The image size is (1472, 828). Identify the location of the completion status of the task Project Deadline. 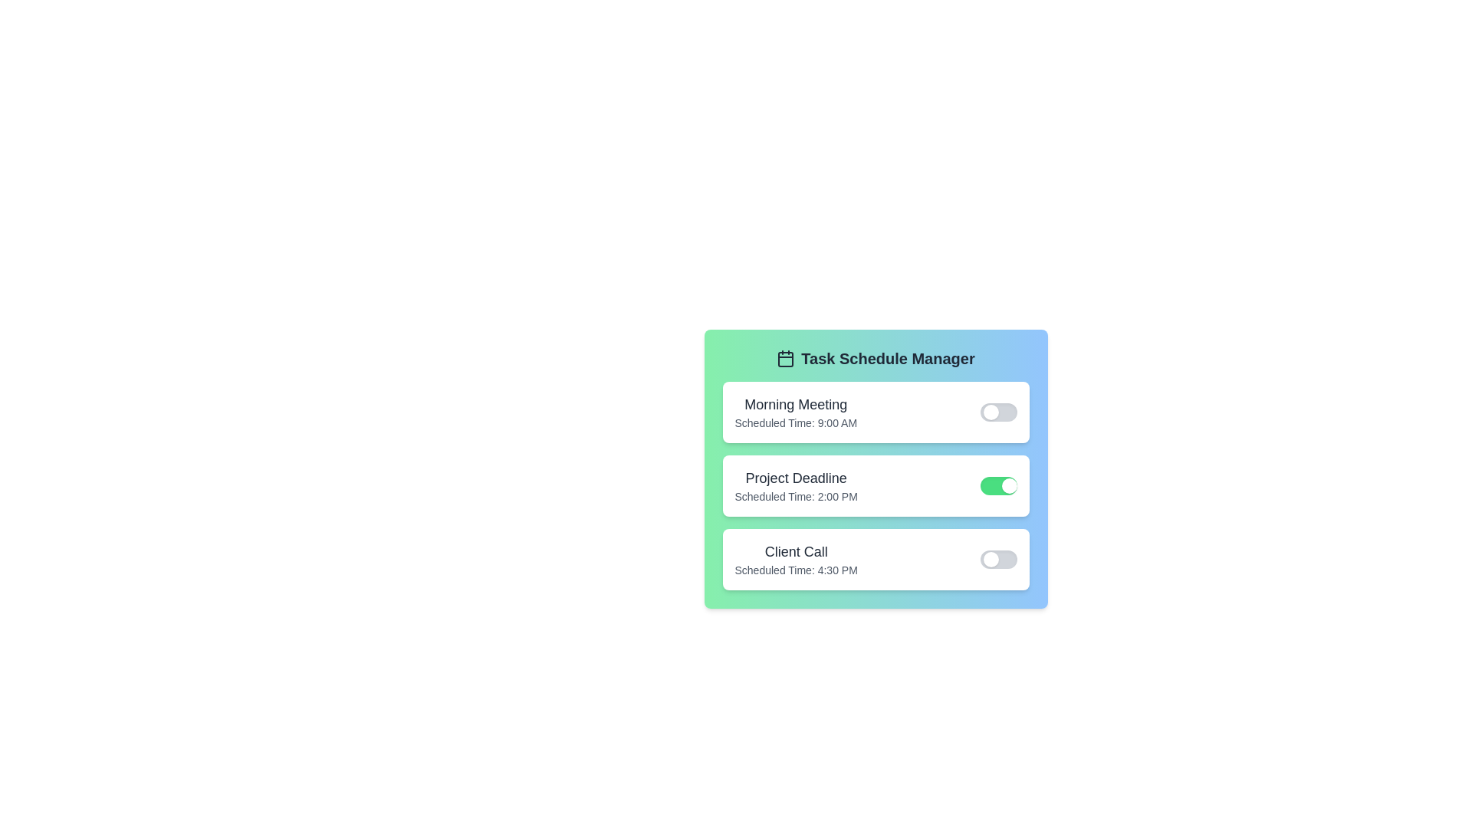
(998, 485).